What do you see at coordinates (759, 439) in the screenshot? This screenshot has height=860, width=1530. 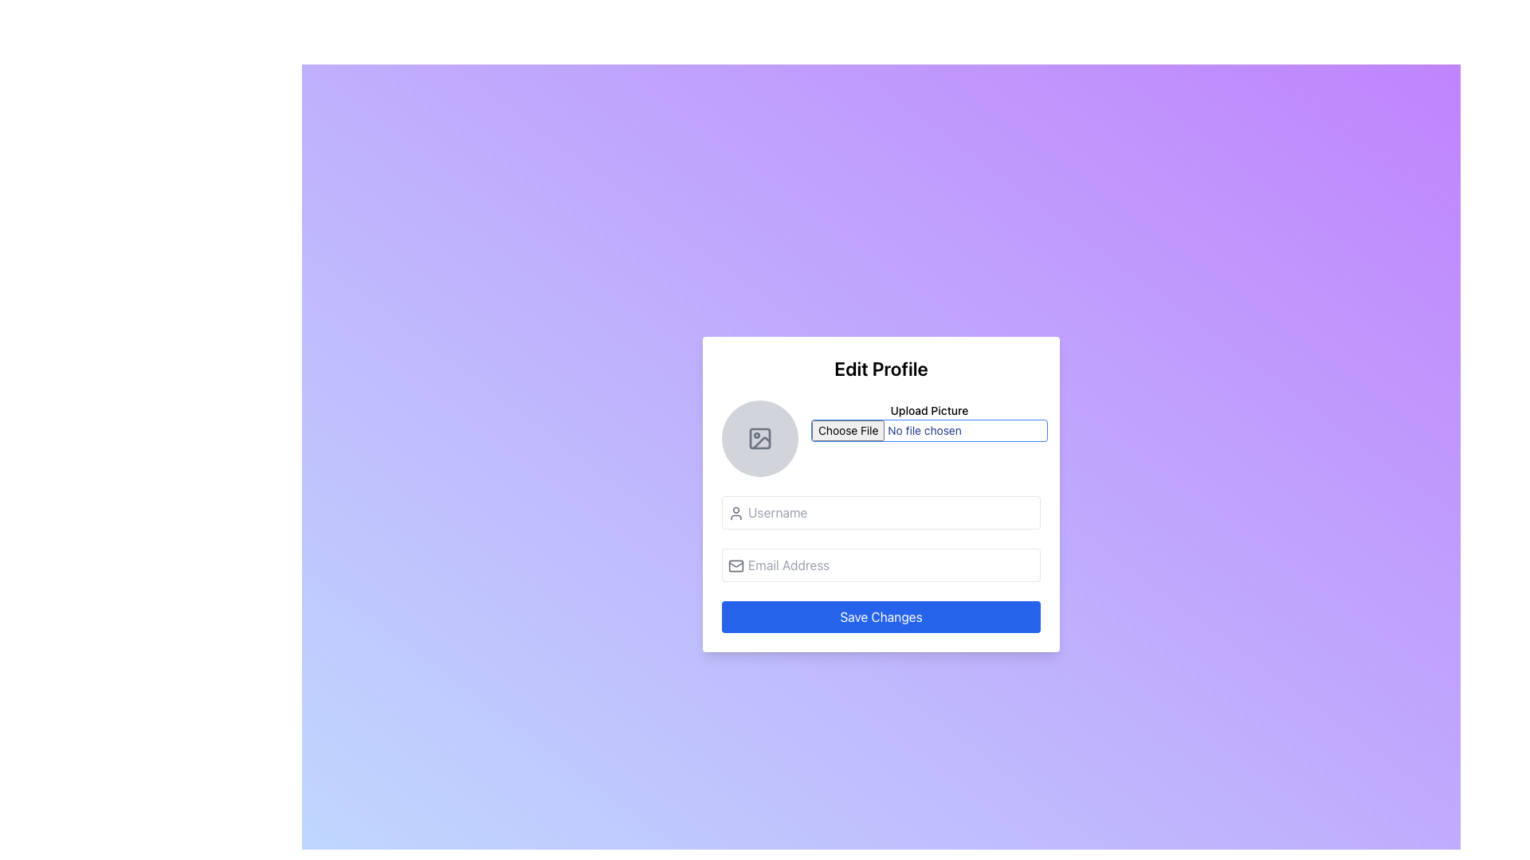 I see `the icon resembling a simple image placeholder, which is styled in gray and located to the left of the 'Upload Picture' text in the 'Edit Profile' form` at bounding box center [759, 439].